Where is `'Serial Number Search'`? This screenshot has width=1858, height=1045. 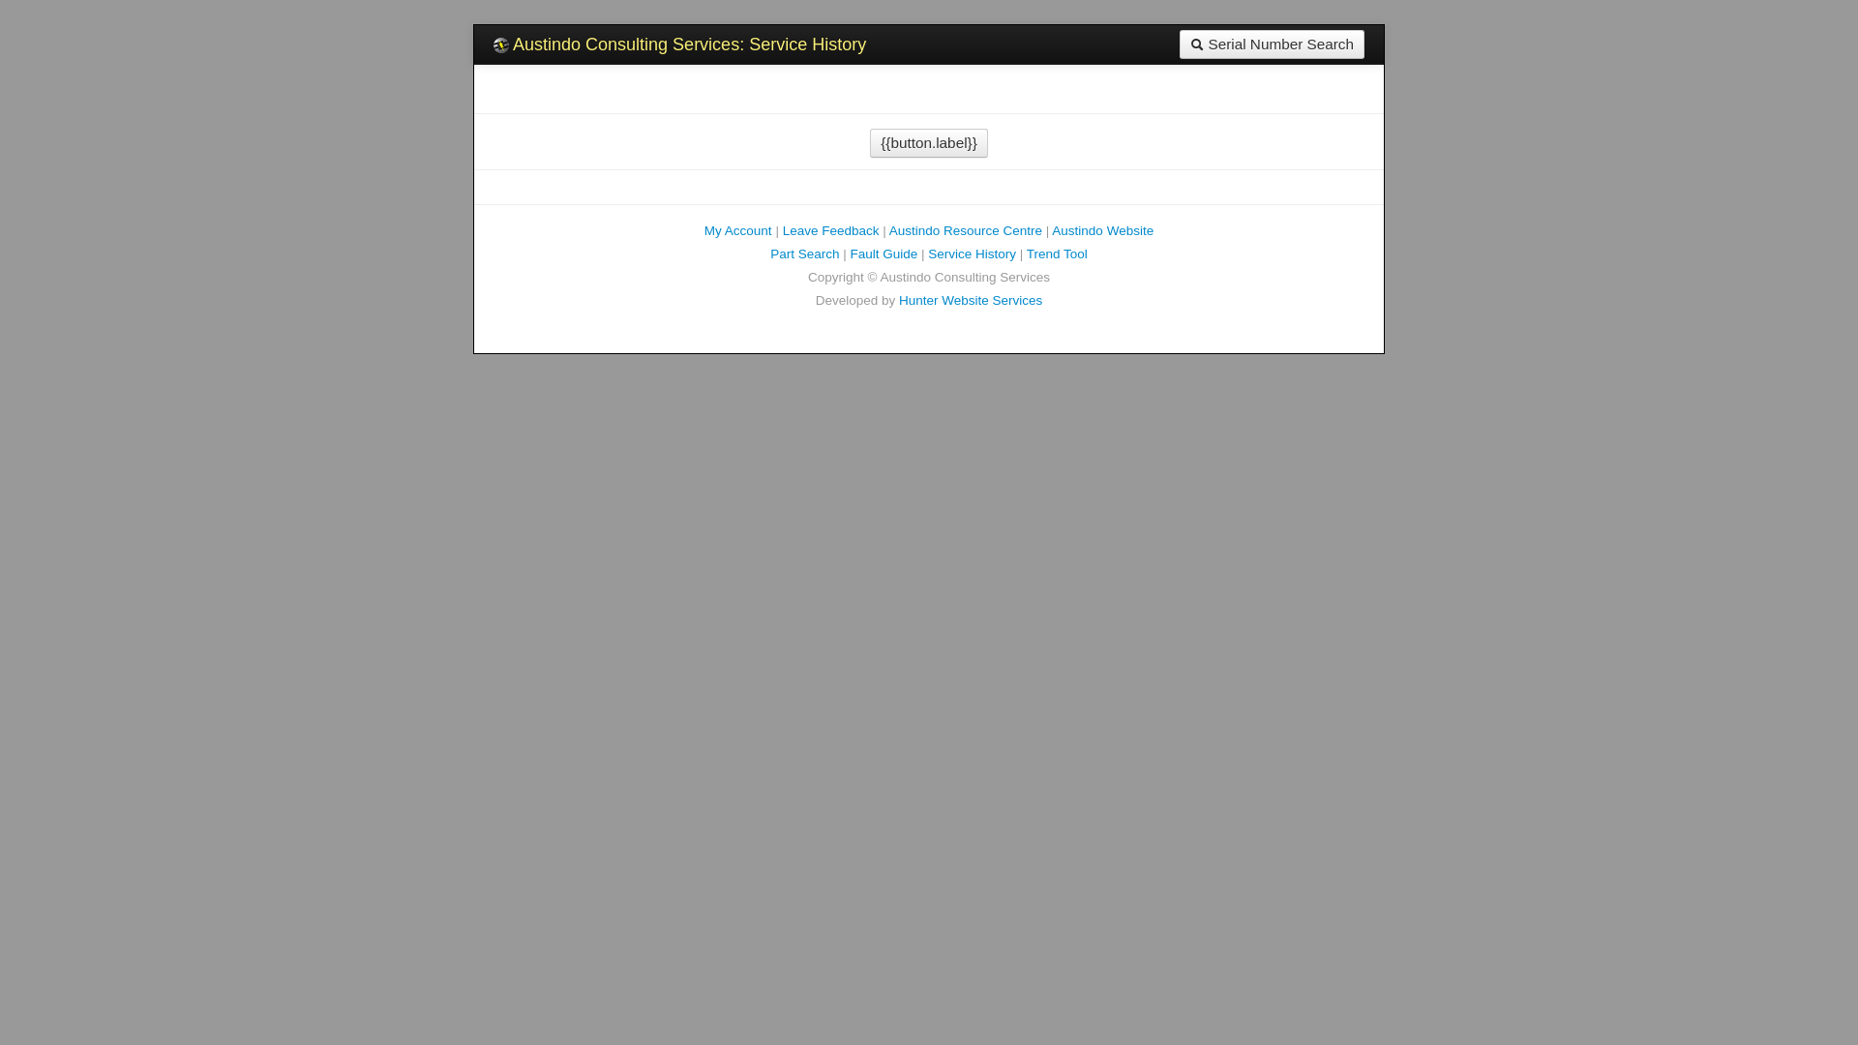
'Serial Number Search' is located at coordinates (1179, 44).